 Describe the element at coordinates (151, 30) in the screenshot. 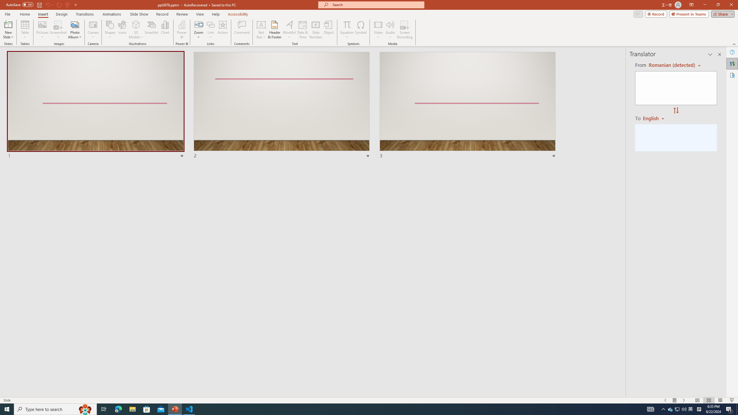

I see `'SmartArt...'` at that location.